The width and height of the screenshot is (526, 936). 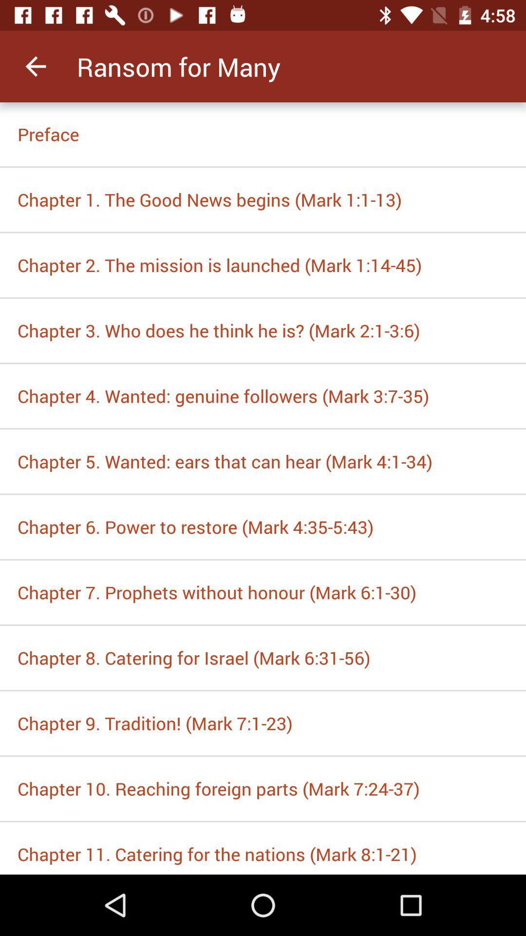 I want to click on the item at the top left corner, so click(x=35, y=66).